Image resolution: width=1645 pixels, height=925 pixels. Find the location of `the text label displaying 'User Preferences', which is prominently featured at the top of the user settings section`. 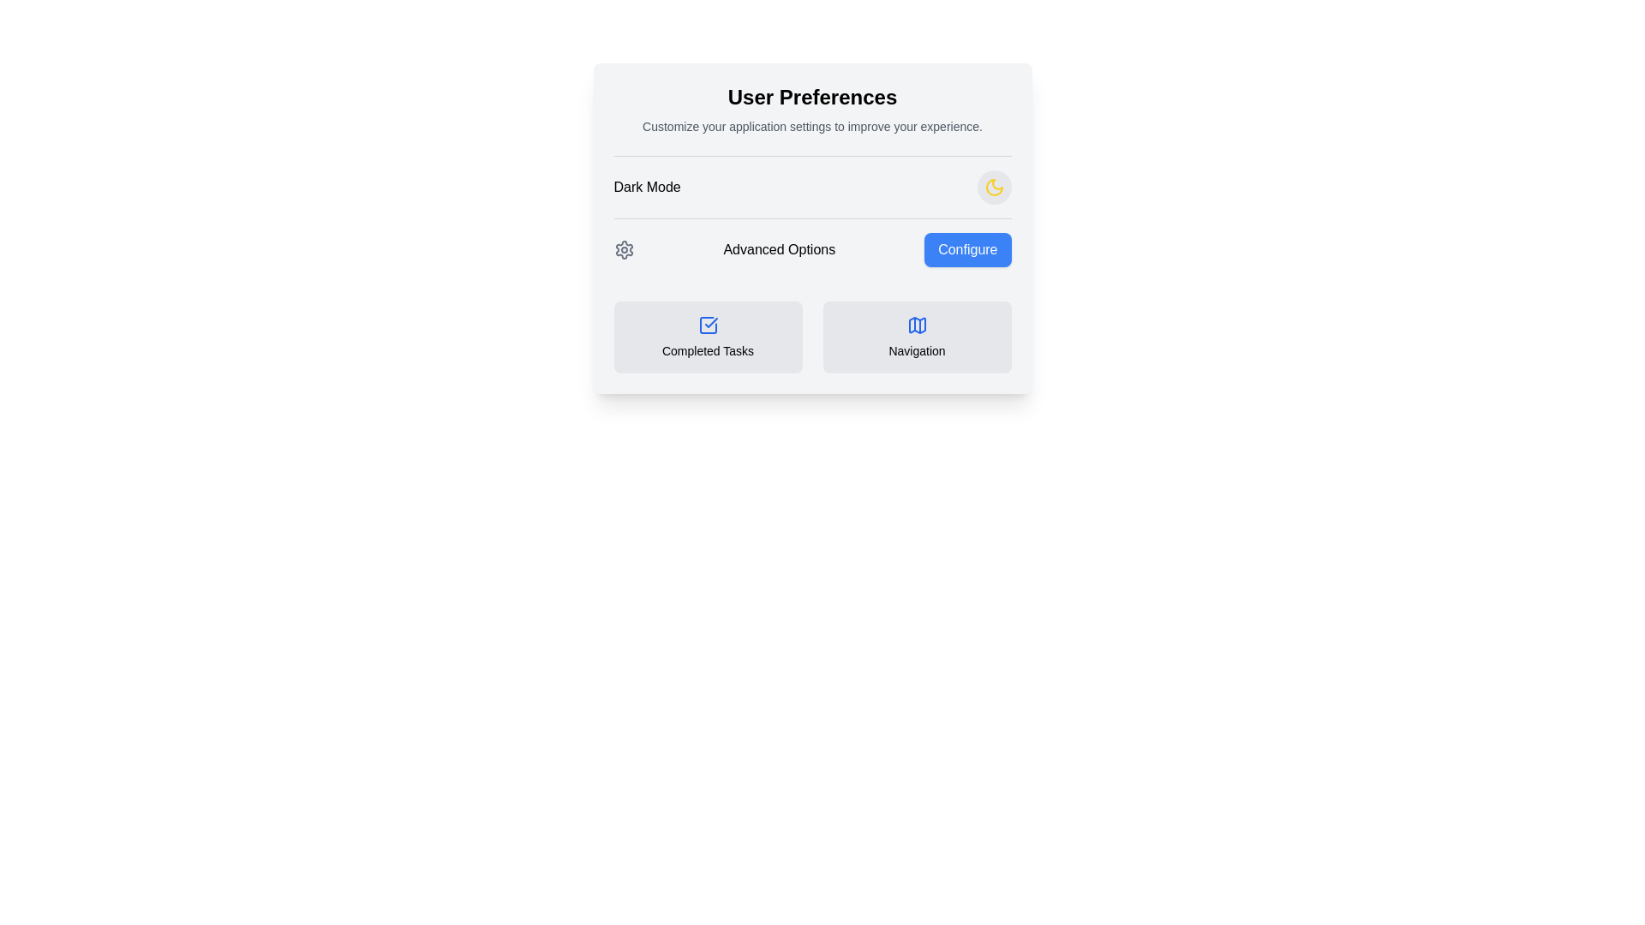

the text label displaying 'User Preferences', which is prominently featured at the top of the user settings section is located at coordinates (811, 98).